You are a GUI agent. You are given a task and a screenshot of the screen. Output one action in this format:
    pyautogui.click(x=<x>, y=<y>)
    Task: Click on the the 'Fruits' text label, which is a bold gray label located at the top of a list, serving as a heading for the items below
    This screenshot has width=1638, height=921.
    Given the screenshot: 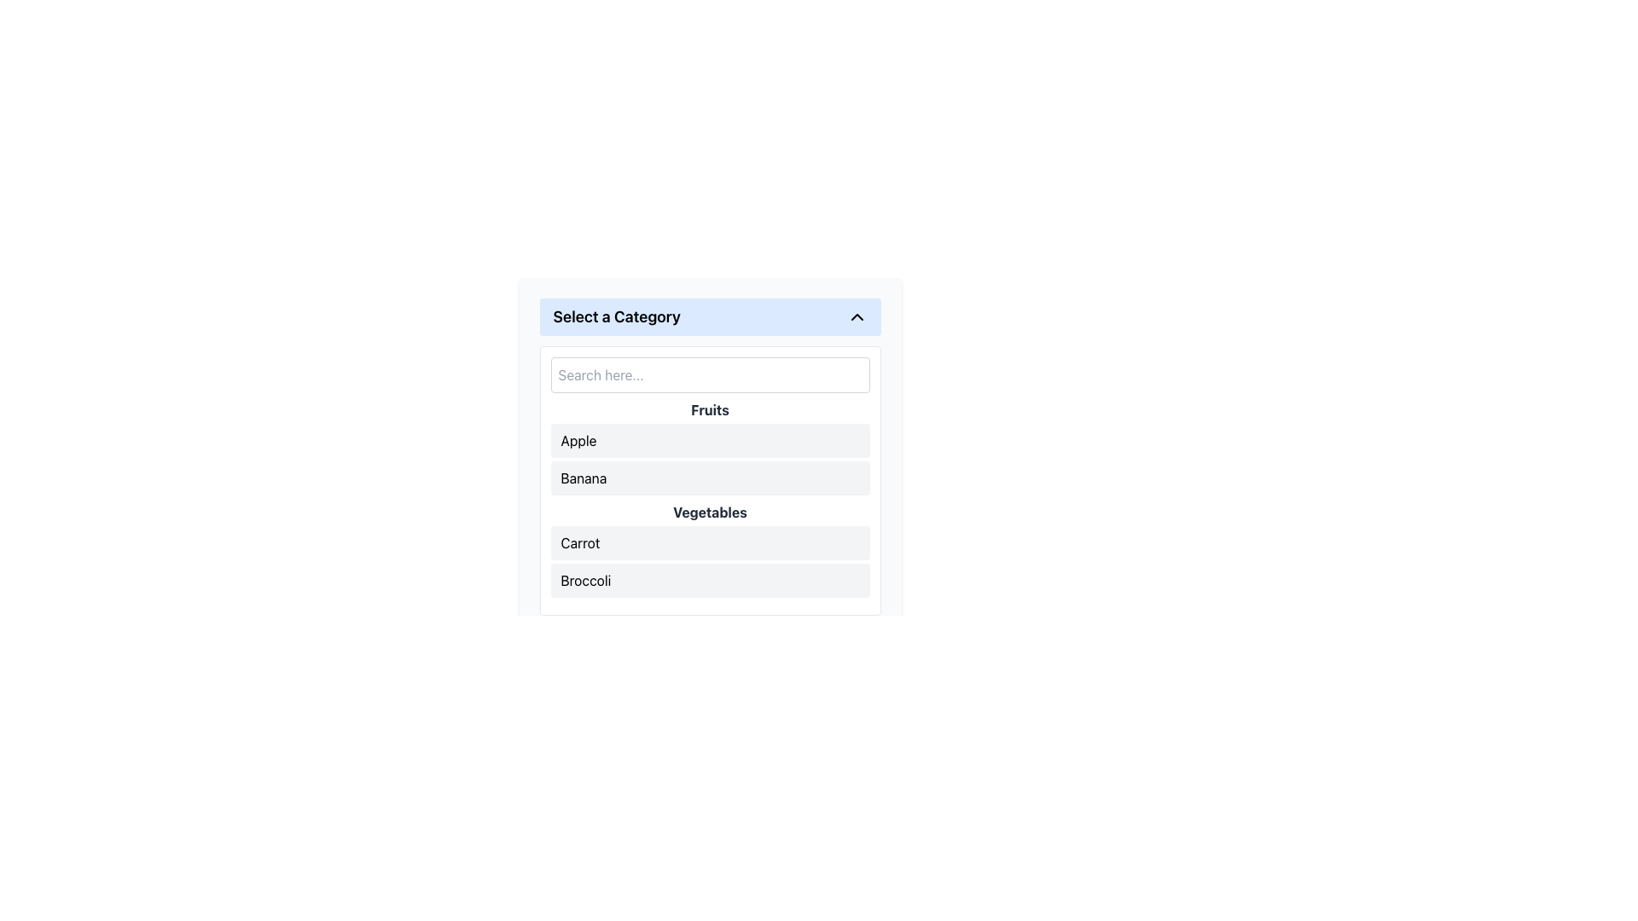 What is the action you would take?
    pyautogui.click(x=710, y=410)
    